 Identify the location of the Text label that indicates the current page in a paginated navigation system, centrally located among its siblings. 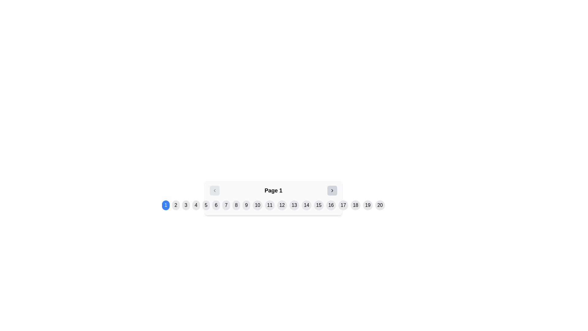
(273, 190).